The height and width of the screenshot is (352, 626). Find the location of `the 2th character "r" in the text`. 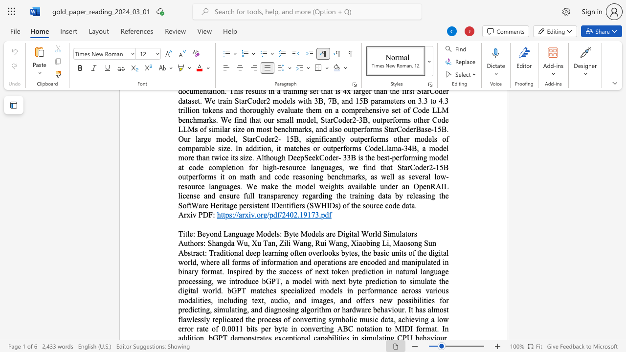

the 2th character "r" in the text is located at coordinates (373, 234).